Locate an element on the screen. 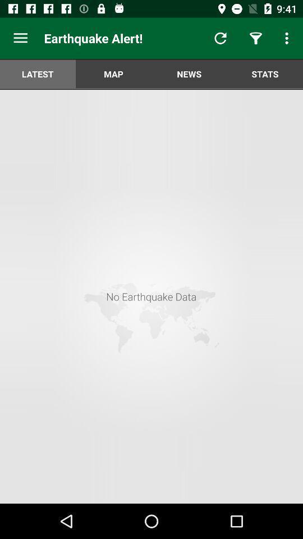  app next to the earthquake alert! icon is located at coordinates (20, 38).